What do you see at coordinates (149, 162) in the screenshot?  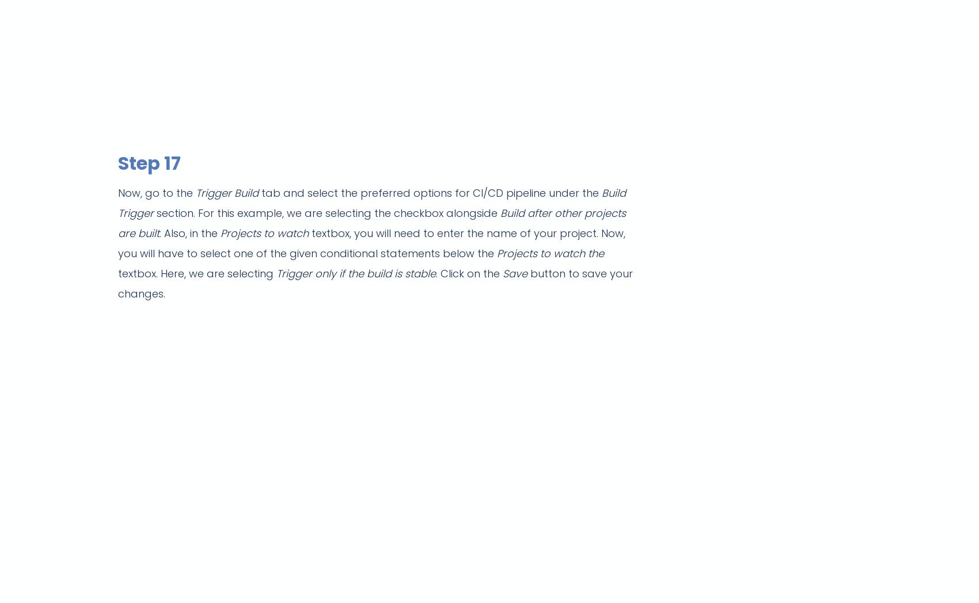 I see `'Step 17'` at bounding box center [149, 162].